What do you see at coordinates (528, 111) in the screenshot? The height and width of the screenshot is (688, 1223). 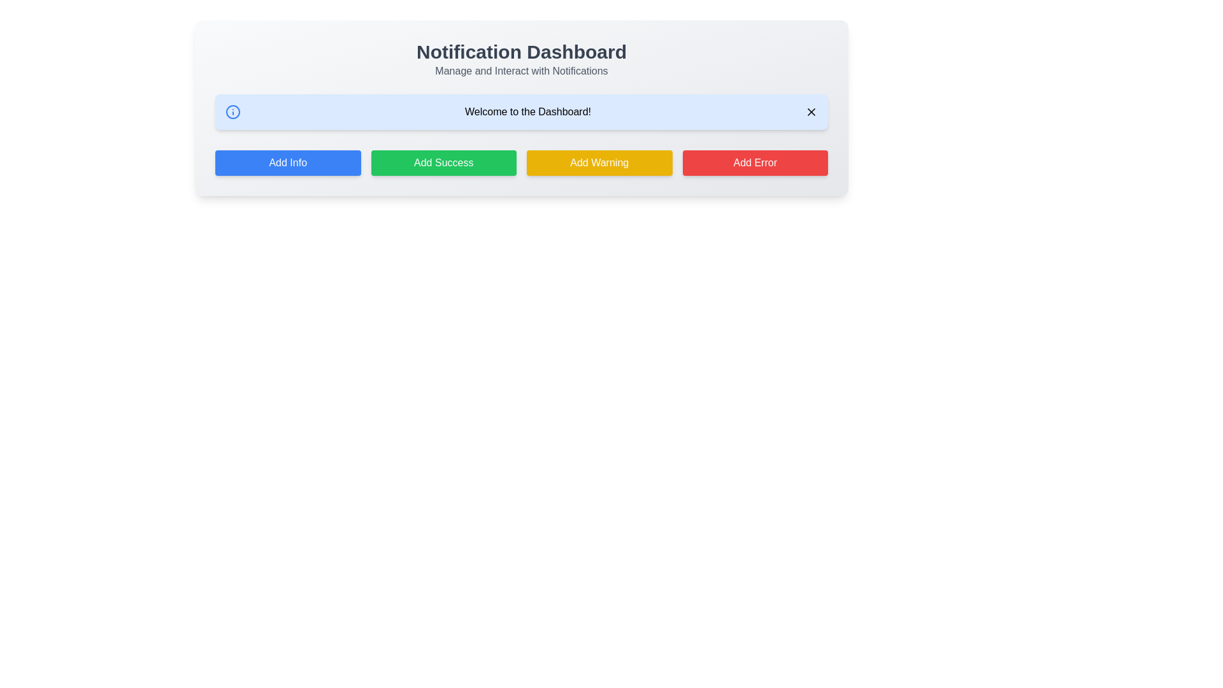 I see `the welcome message text label located at the top section of the dashboard` at bounding box center [528, 111].